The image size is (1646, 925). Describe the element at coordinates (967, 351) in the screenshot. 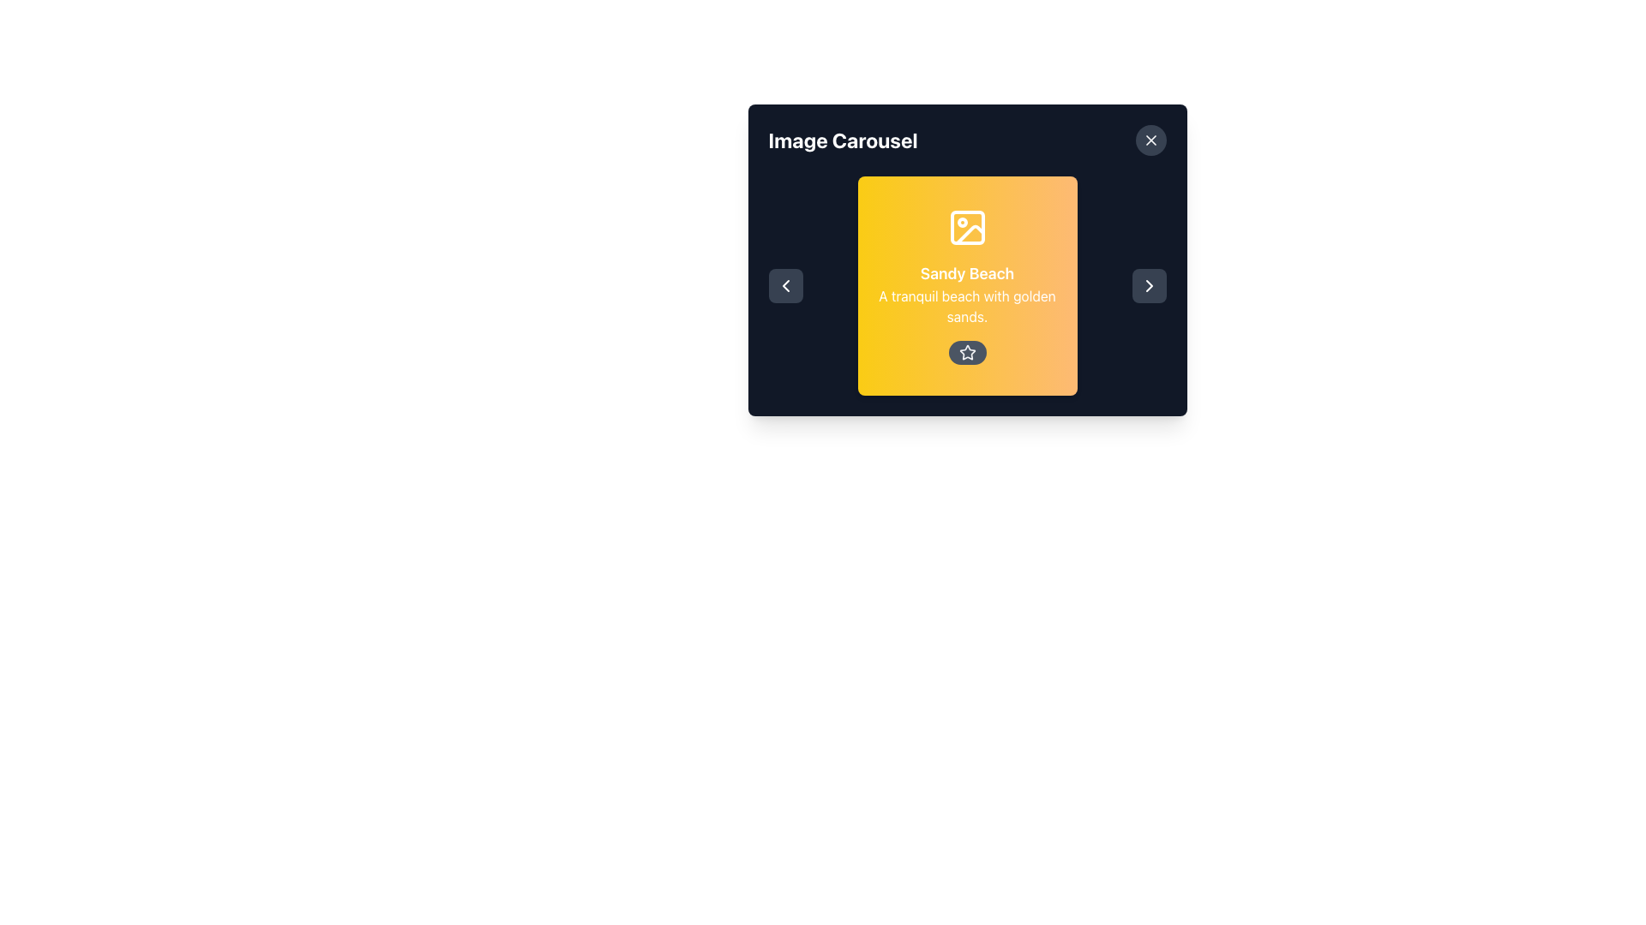

I see `the gray star-shaped icon located beneath the 'Sandy Beach' text in the carousel to interact with it` at that location.